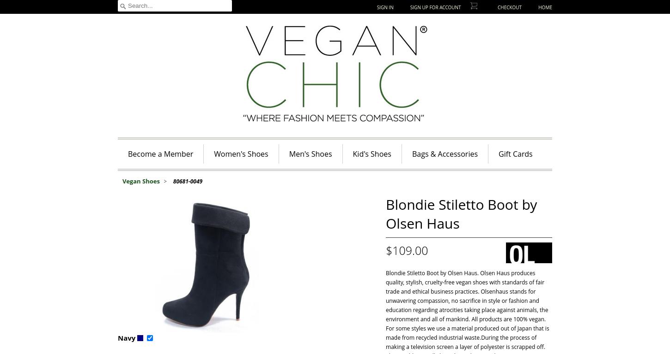 Image resolution: width=670 pixels, height=354 pixels. I want to click on '$109.00', so click(406, 249).